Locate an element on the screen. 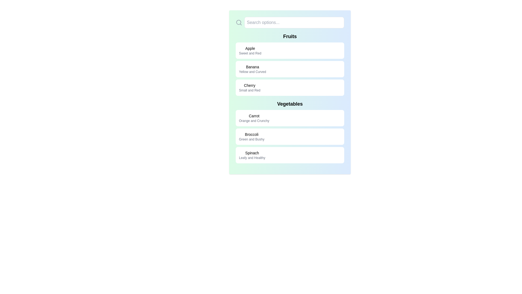 This screenshot has height=294, width=522. the static text label reading 'Leafy and Healthy', which is positioned below the bolded title 'Spinach' in the 'Vegetables' section is located at coordinates (252, 158).